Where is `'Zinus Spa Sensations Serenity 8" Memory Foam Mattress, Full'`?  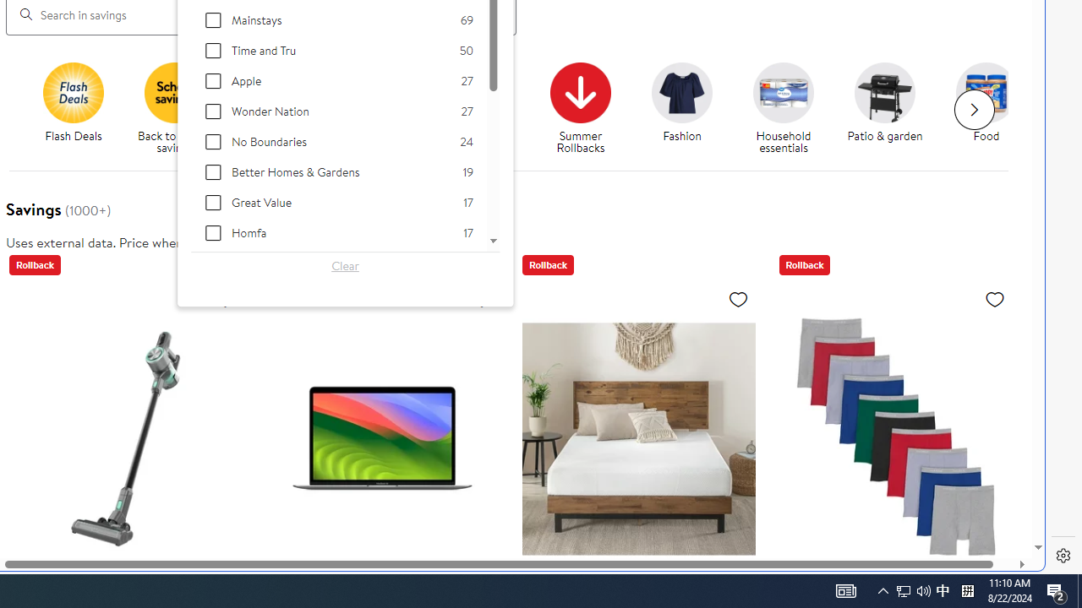 'Zinus Spa Sensations Serenity 8" Memory Foam Mattress, Full' is located at coordinates (637, 437).